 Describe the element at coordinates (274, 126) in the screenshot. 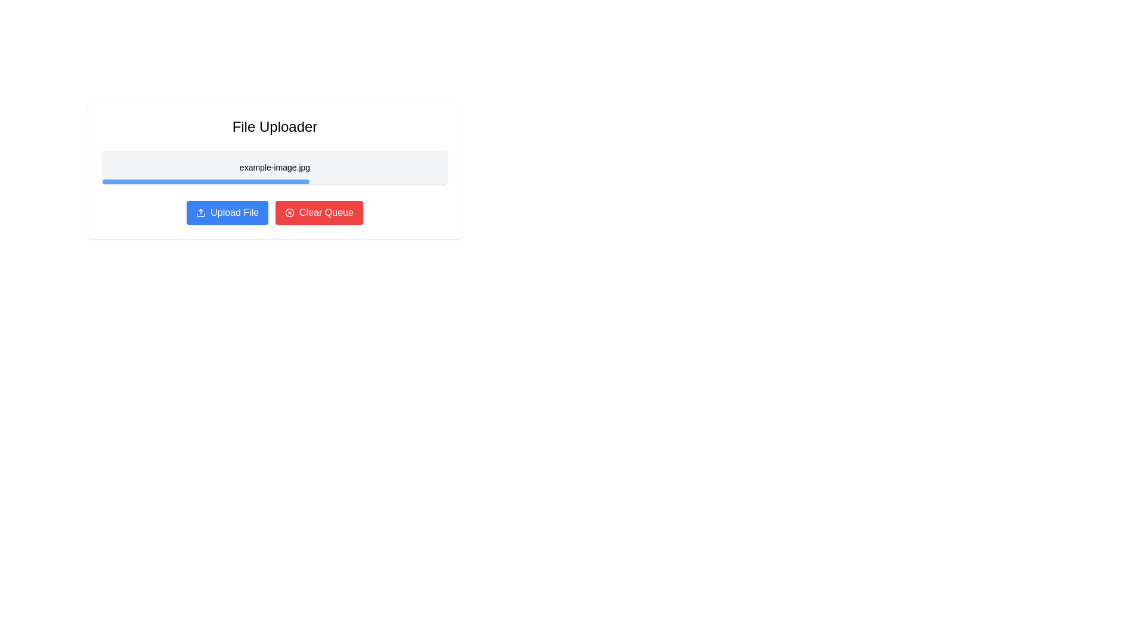

I see `the heading text that indicates the purpose of the file uploading feature, which is positioned at the top center of the interface` at that location.